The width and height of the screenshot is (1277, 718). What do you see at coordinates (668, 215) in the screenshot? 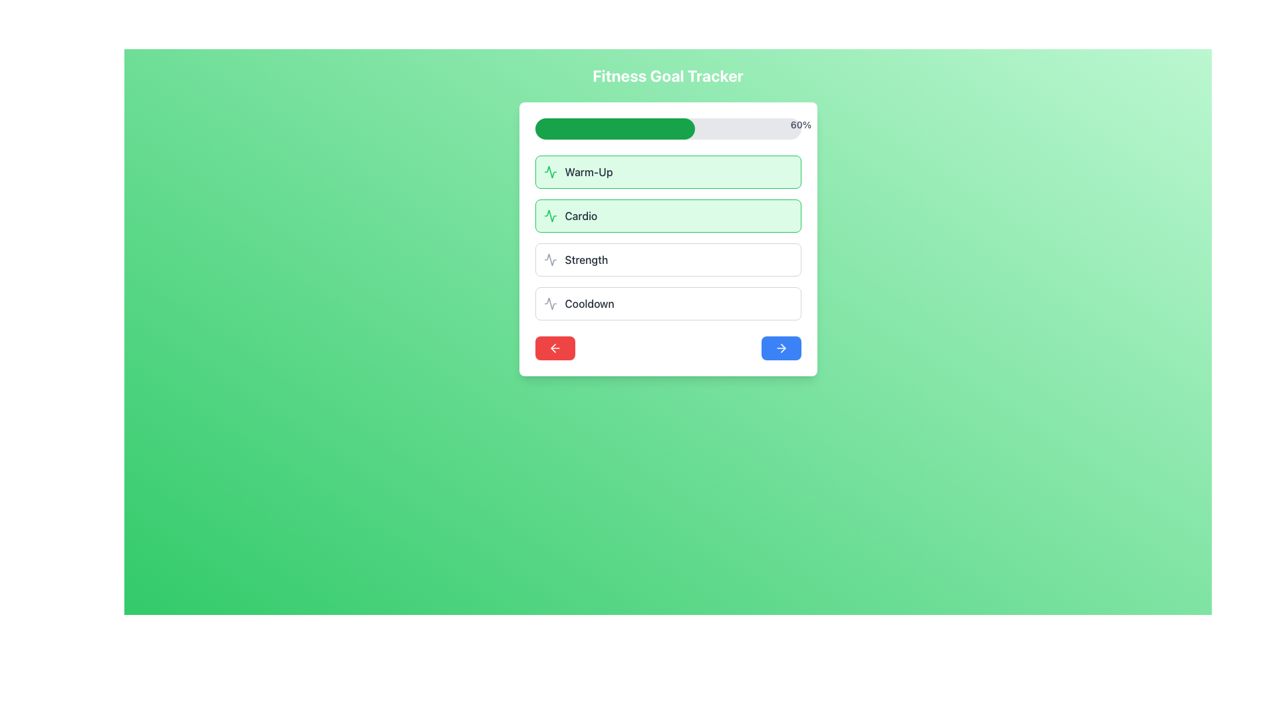
I see `the 'Cardio' button in the Fitness Goal Tracker` at bounding box center [668, 215].